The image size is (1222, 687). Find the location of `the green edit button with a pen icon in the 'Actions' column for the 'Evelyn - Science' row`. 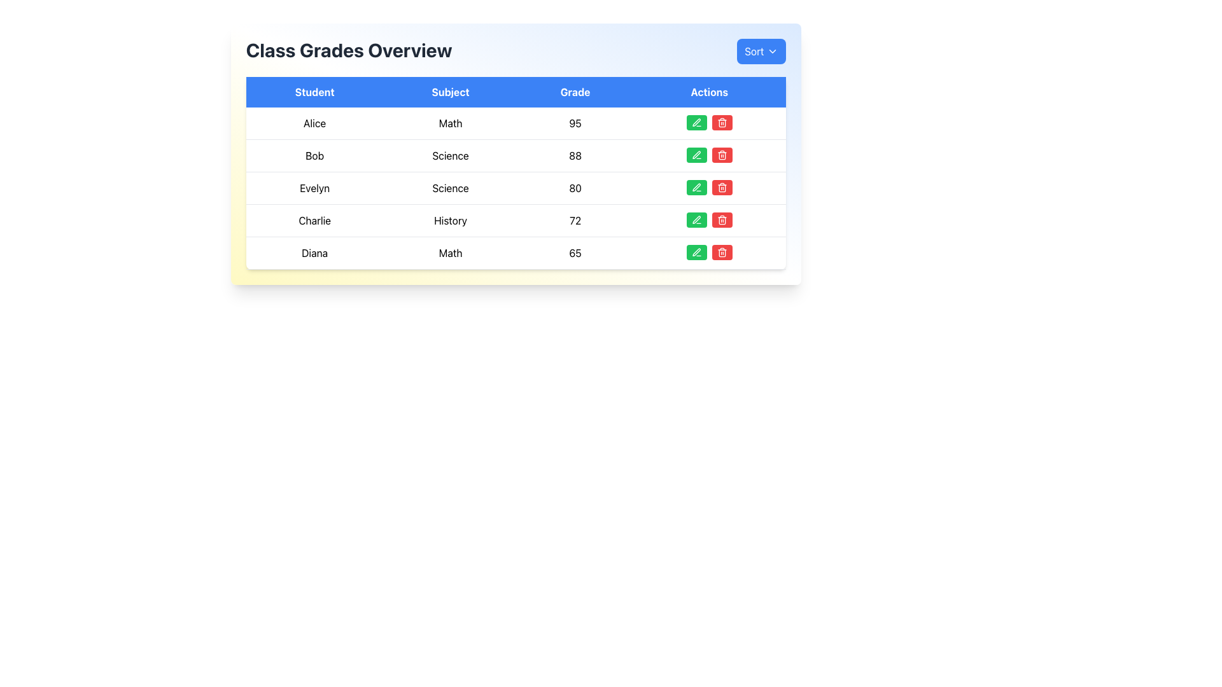

the green edit button with a pen icon in the 'Actions' column for the 'Evelyn - Science' row is located at coordinates (696, 187).